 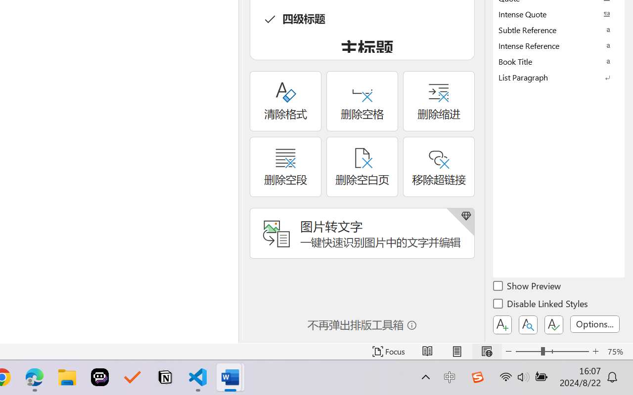 What do you see at coordinates (487, 351) in the screenshot?
I see `'Web Layout'` at bounding box center [487, 351].